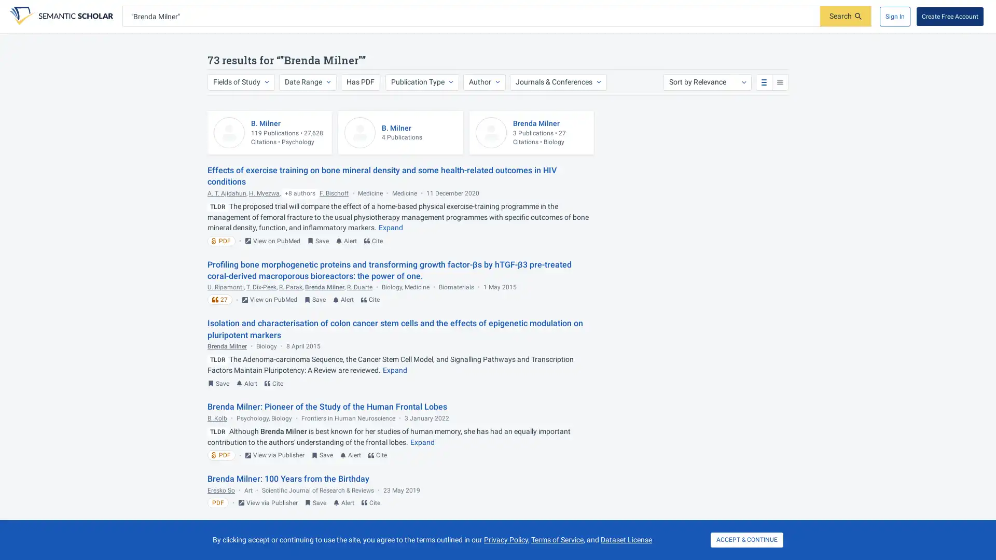 The width and height of the screenshot is (996, 560). What do you see at coordinates (322, 455) in the screenshot?
I see `Save to Library` at bounding box center [322, 455].